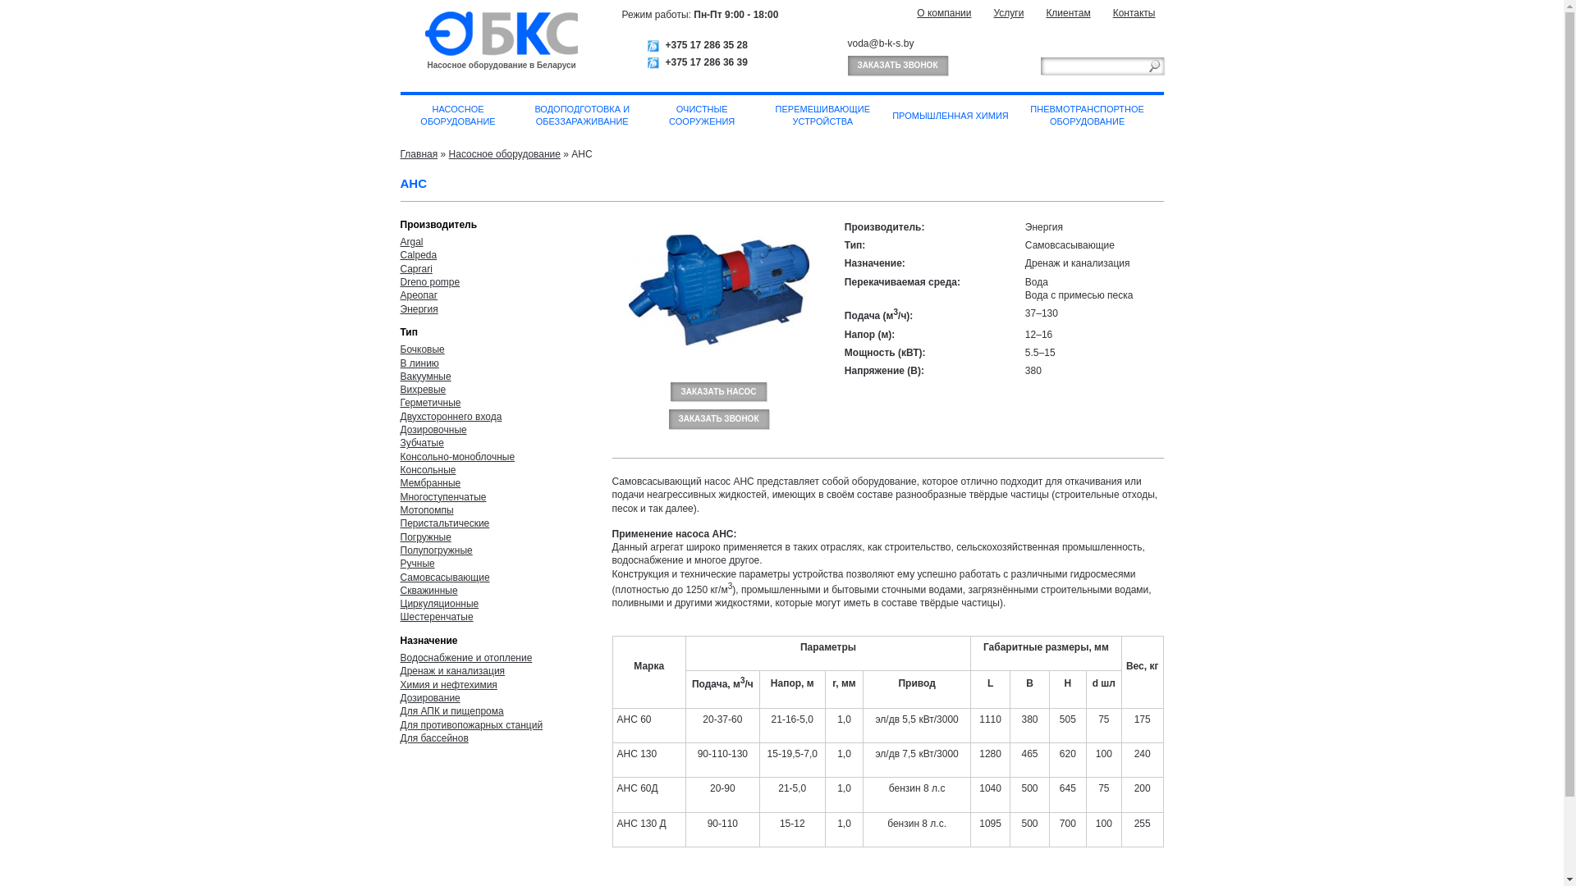  I want to click on 'voda@b-k-s.by', so click(879, 43).